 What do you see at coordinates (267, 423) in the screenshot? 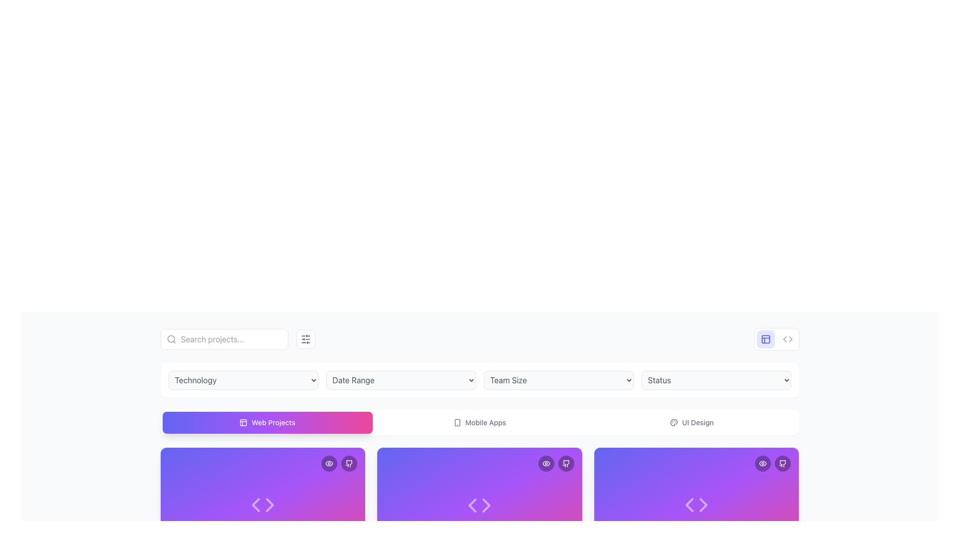
I see `the 'Web Projects' button, which is the leftmost button among three options, featuring a gradient background and white text` at bounding box center [267, 423].